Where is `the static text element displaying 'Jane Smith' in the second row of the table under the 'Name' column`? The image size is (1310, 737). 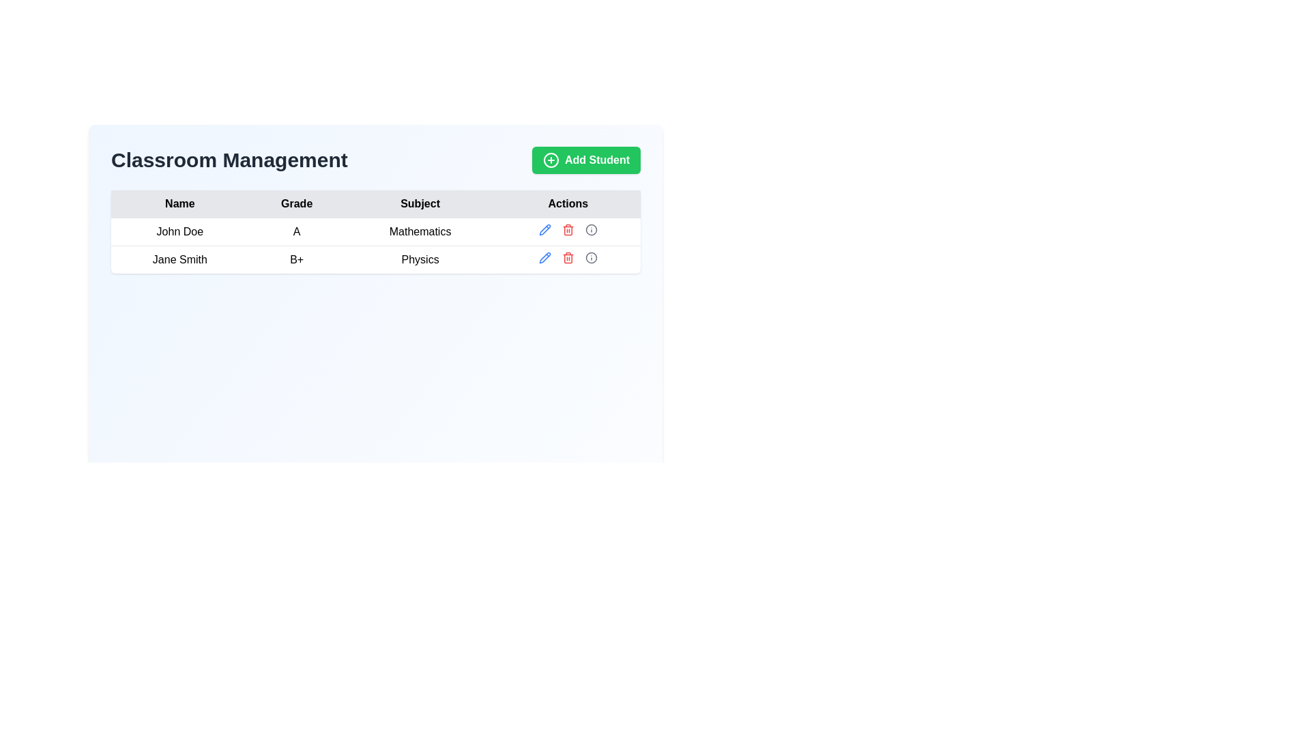 the static text element displaying 'Jane Smith' in the second row of the table under the 'Name' column is located at coordinates (179, 259).